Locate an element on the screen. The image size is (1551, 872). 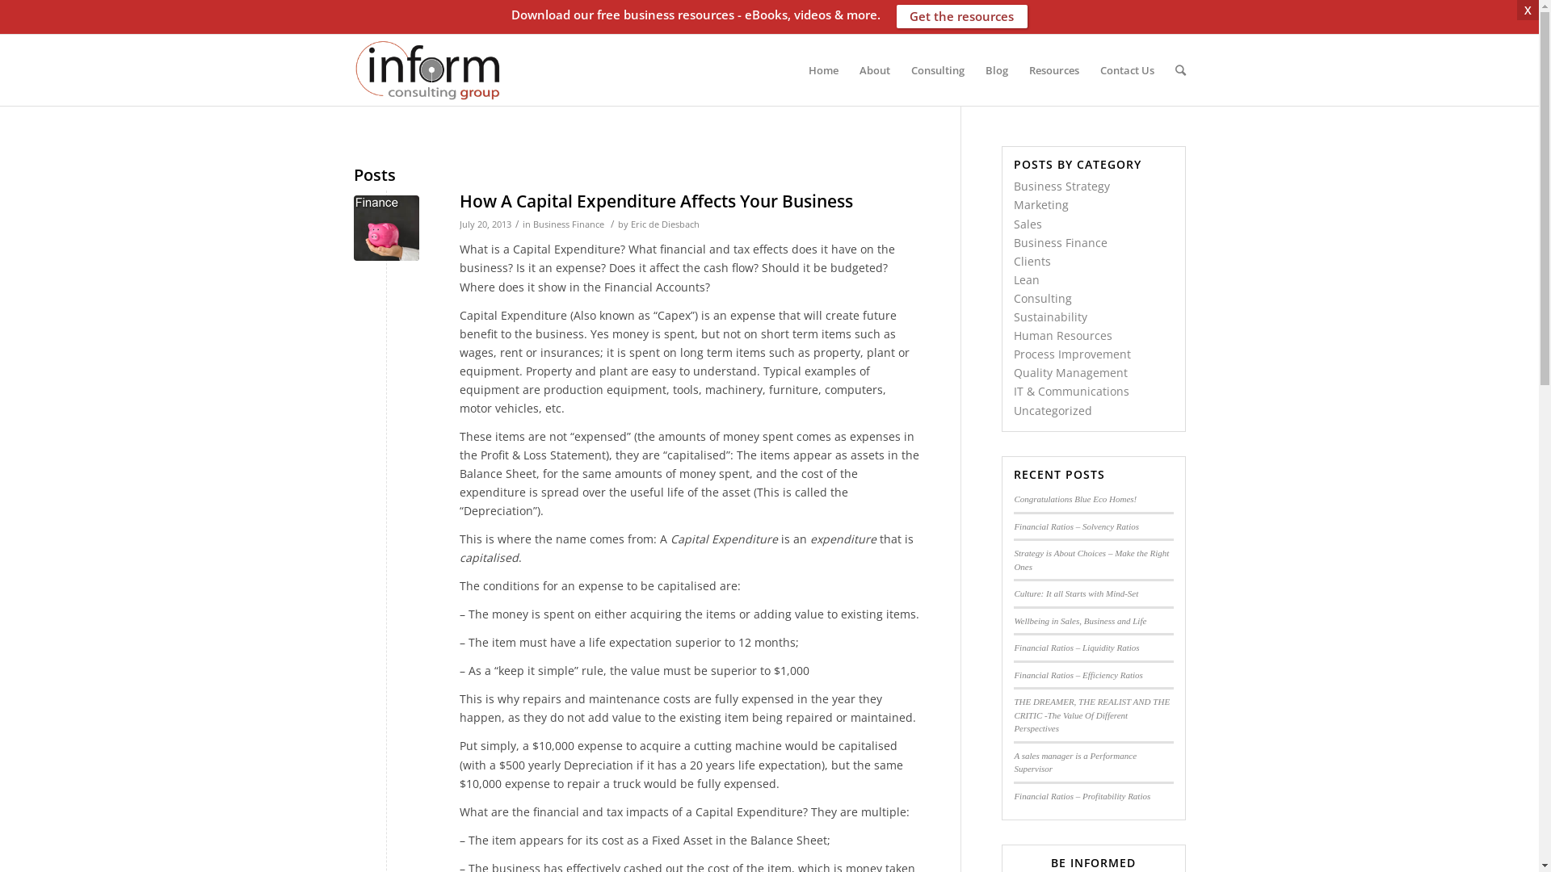
'How A Capital Expenditure Affects Your Business' is located at coordinates (385, 228).